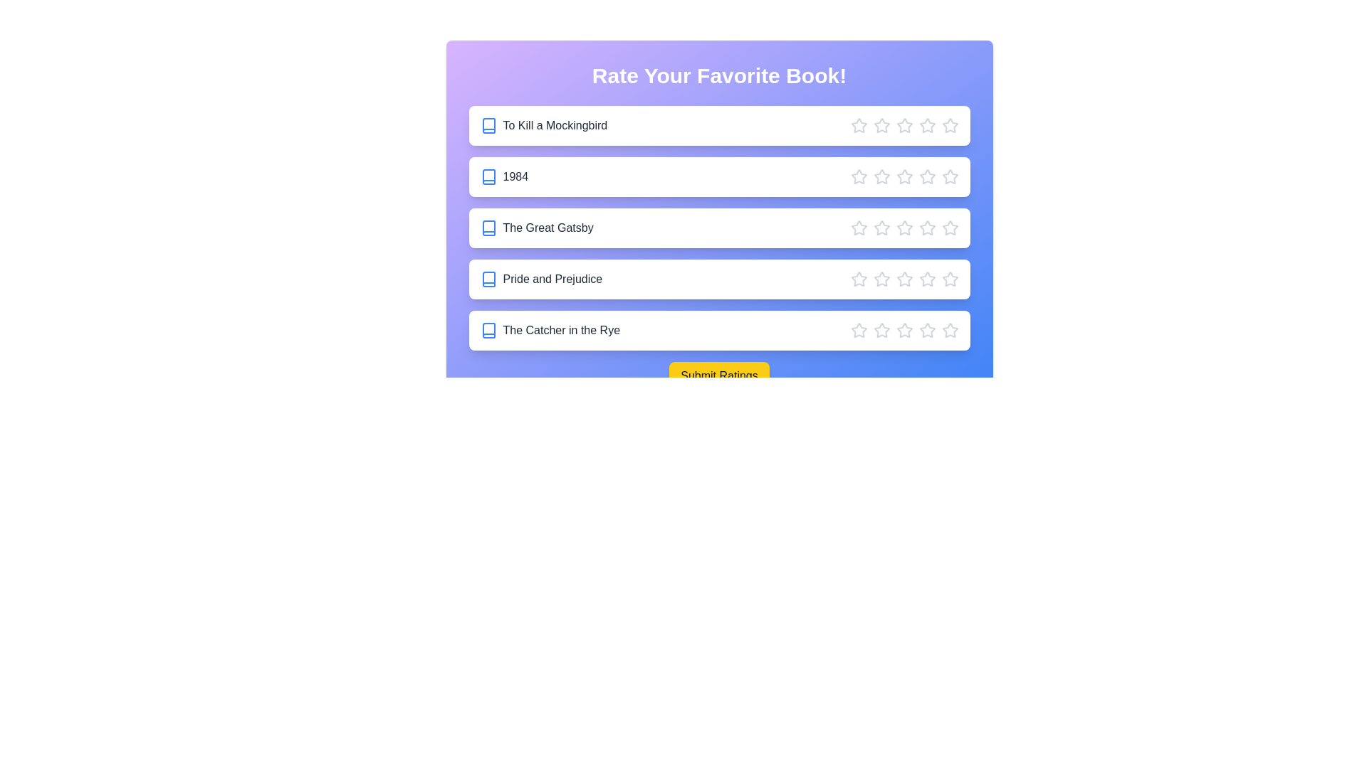  What do you see at coordinates (881, 176) in the screenshot?
I see `the star corresponding to 2 stars for the book '1984'` at bounding box center [881, 176].